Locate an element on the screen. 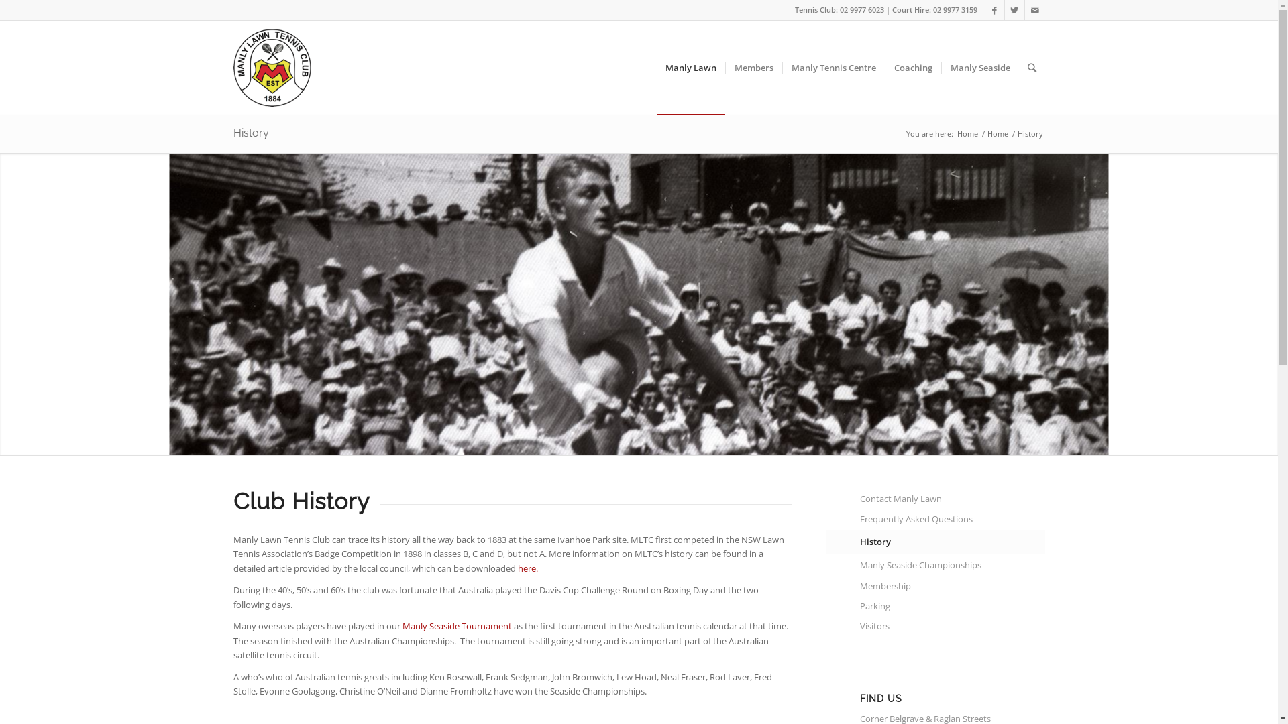 The width and height of the screenshot is (1288, 724). 'Twitter' is located at coordinates (1014, 10).